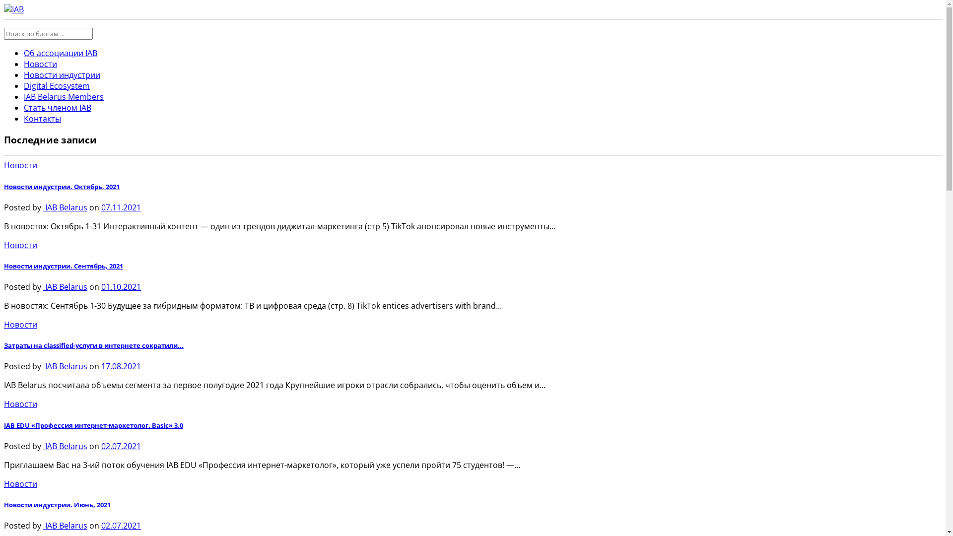 This screenshot has width=953, height=536. Describe the element at coordinates (101, 366) in the screenshot. I see `'17.08.2021'` at that location.